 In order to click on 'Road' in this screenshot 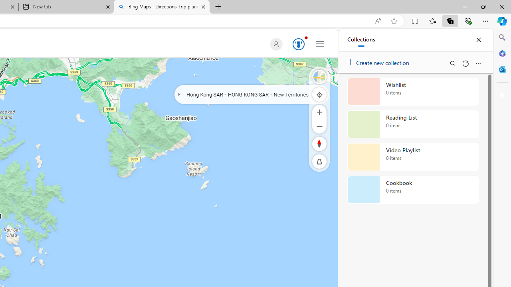, I will do `click(319, 77)`.